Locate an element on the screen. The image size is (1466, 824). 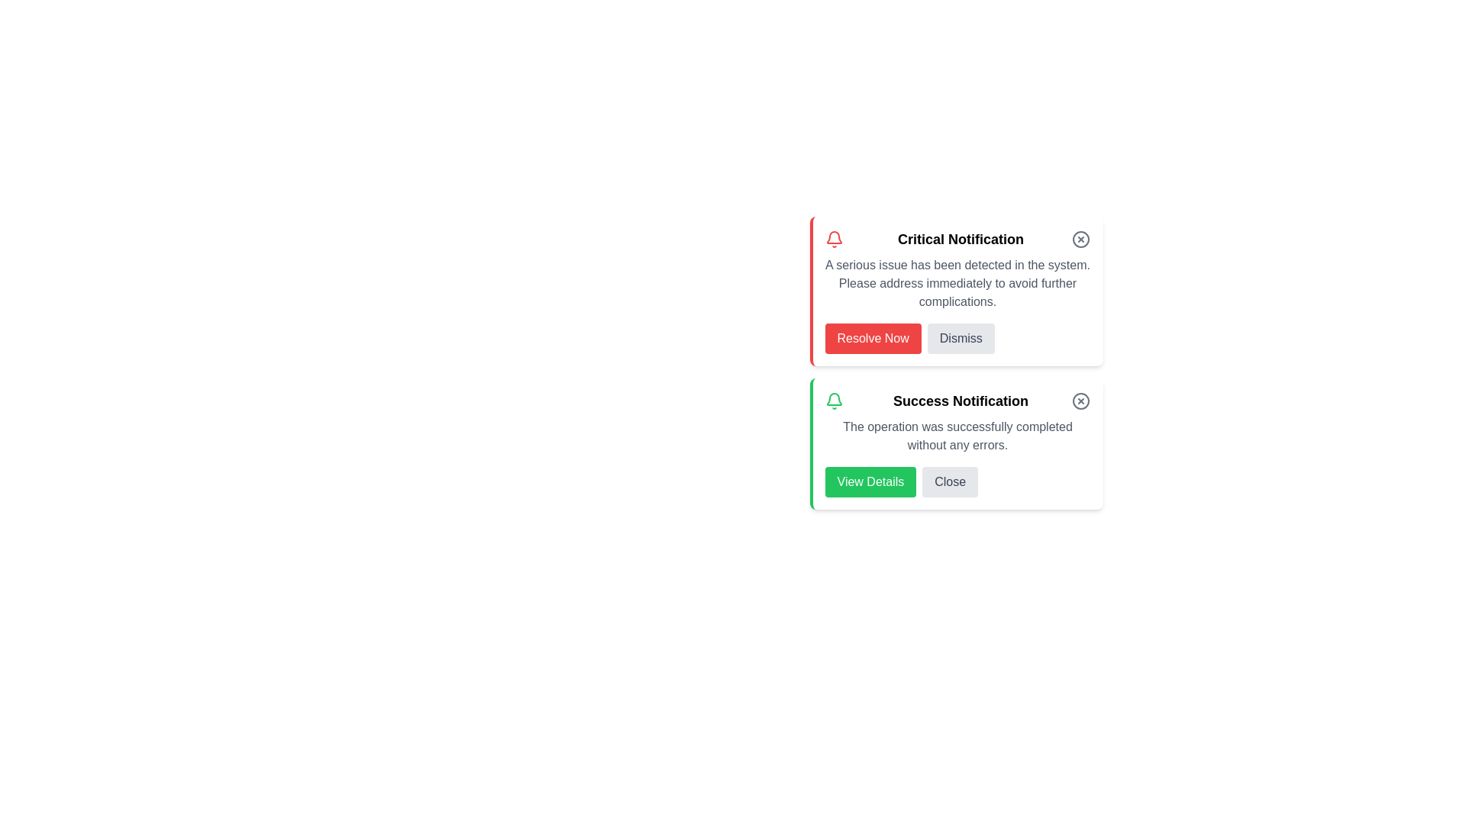
the dual-button group in the bottom right corner of the 'Critical Notification' card is located at coordinates (957, 337).